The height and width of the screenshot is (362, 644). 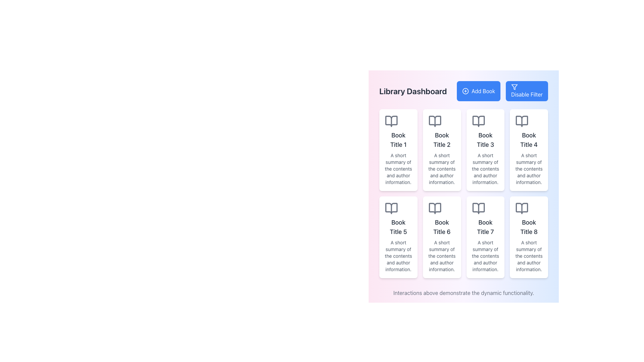 I want to click on the text summary located below the title 'Book Title 1' in the upper left card layout of the interface, so click(x=398, y=169).